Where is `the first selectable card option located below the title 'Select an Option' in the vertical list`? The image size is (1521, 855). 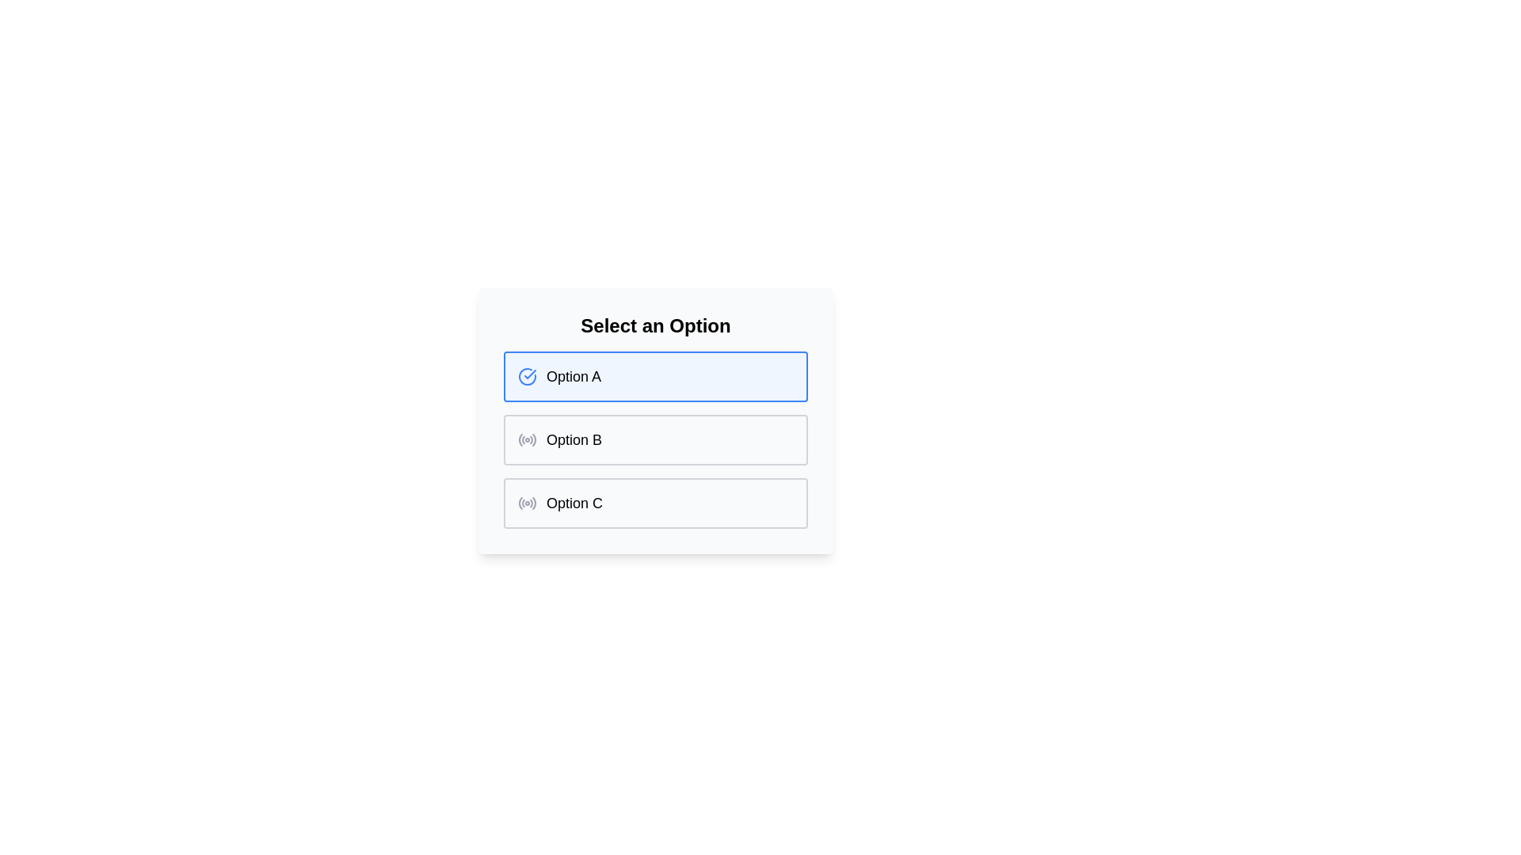
the first selectable card option located below the title 'Select an Option' in the vertical list is located at coordinates (656, 376).